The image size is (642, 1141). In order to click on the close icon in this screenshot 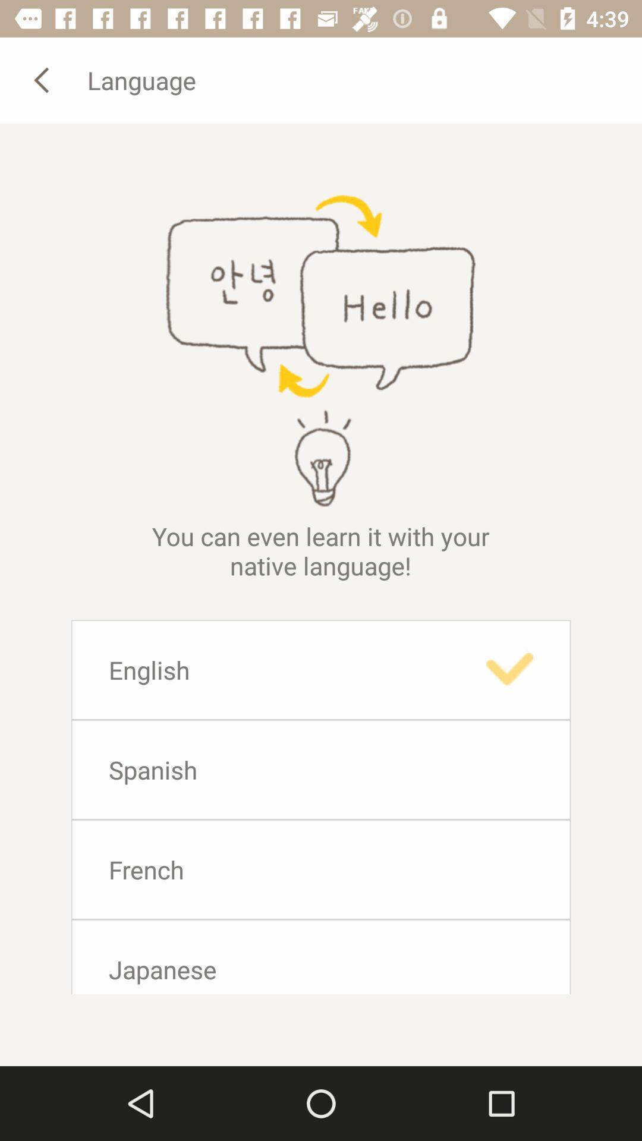, I will do `click(349, 595)`.